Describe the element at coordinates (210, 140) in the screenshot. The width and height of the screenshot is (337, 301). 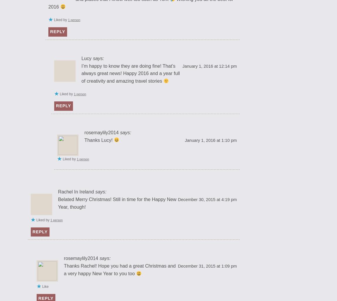
I see `'January 1, 2016 at 1:10 pm'` at that location.